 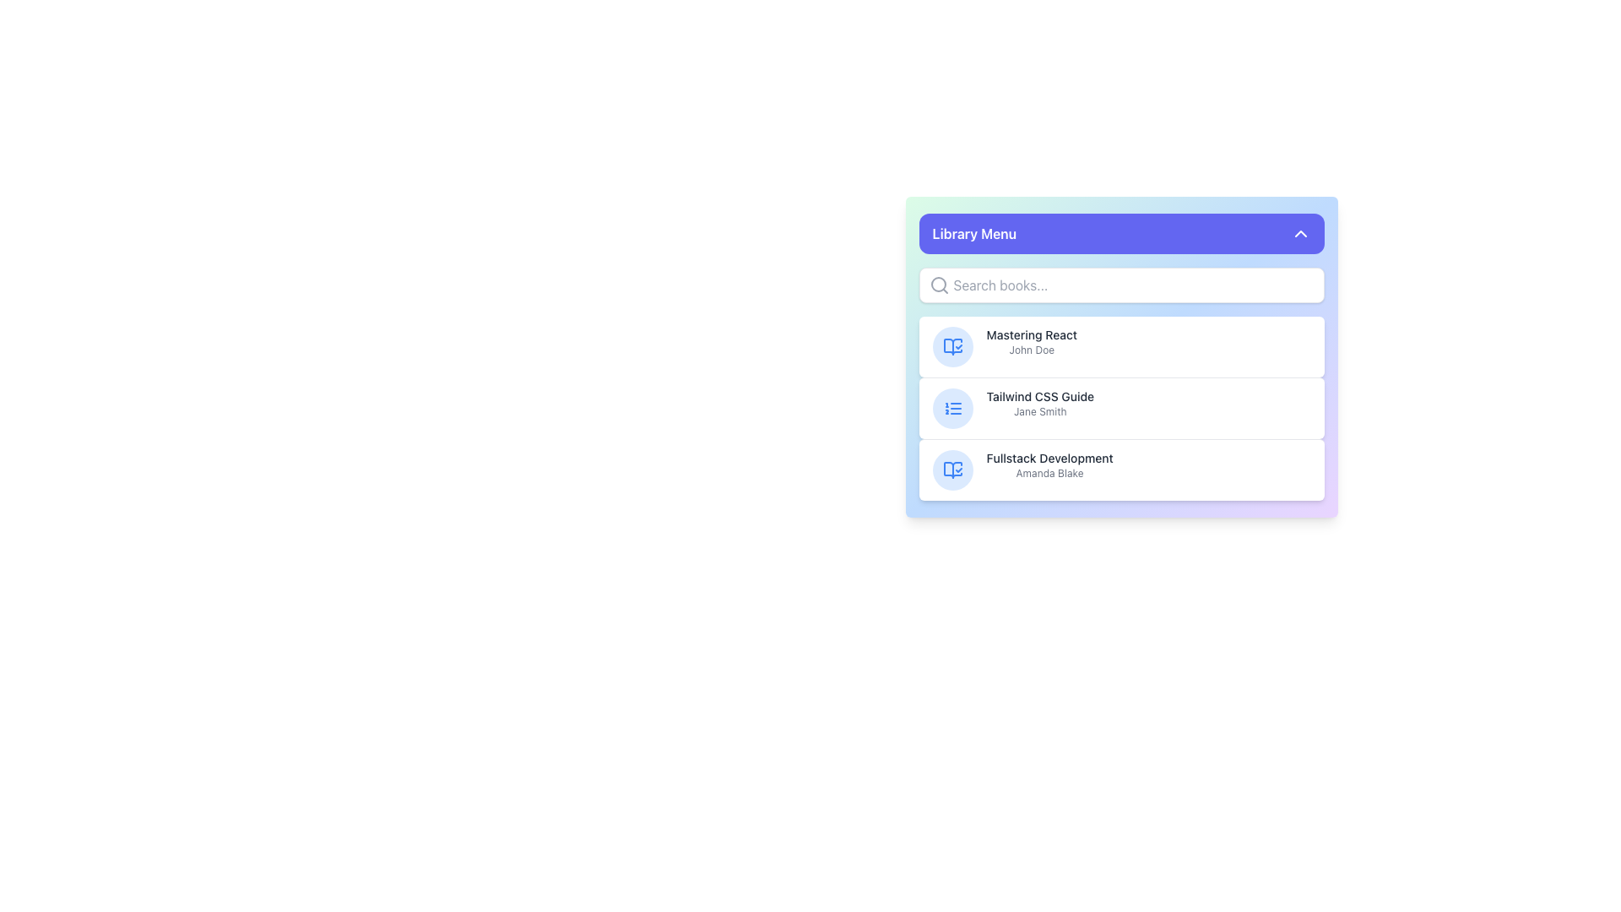 What do you see at coordinates (1121, 384) in the screenshot?
I see `the second item in the Library Menu list, which contains book entries including title and author name` at bounding box center [1121, 384].